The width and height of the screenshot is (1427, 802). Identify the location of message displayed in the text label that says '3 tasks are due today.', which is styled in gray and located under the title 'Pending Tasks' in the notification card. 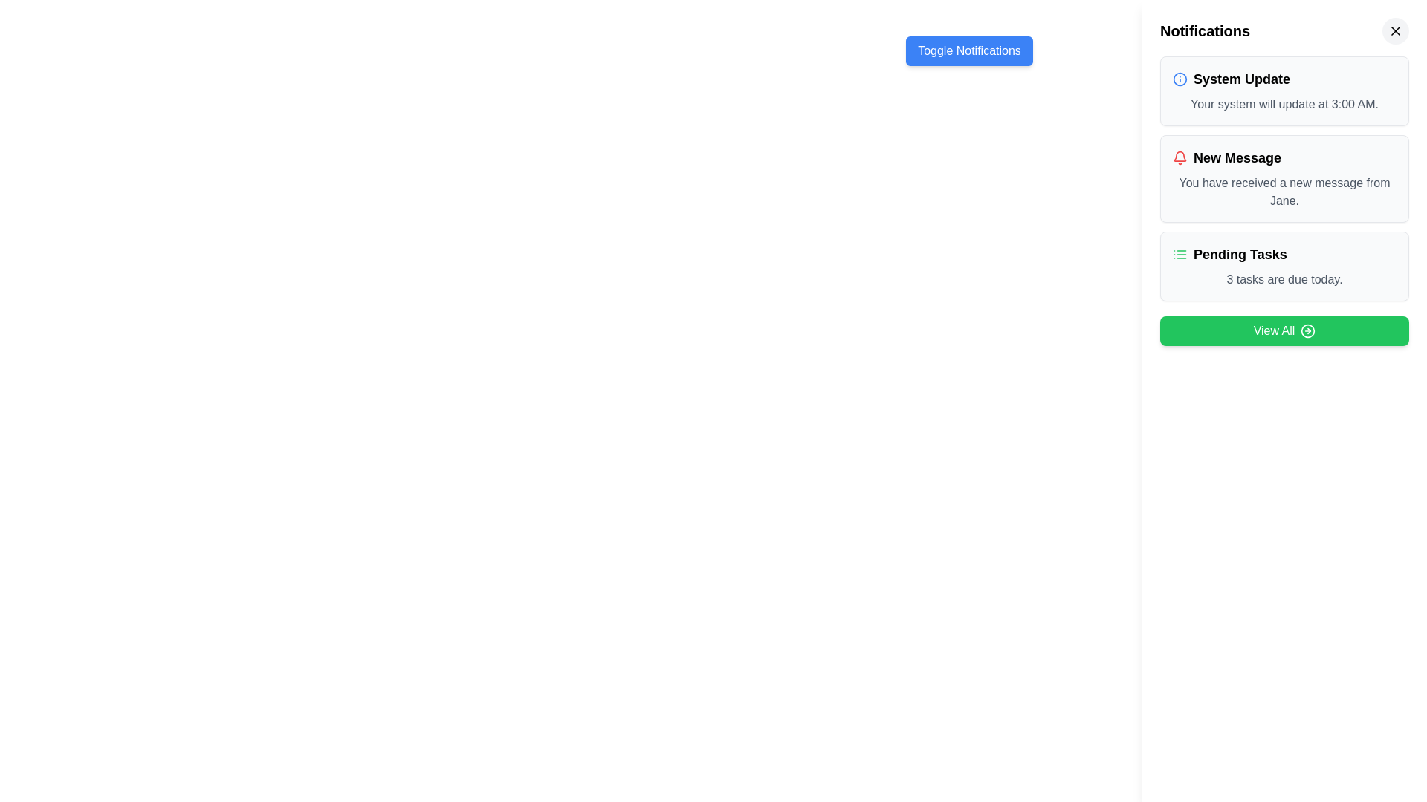
(1284, 280).